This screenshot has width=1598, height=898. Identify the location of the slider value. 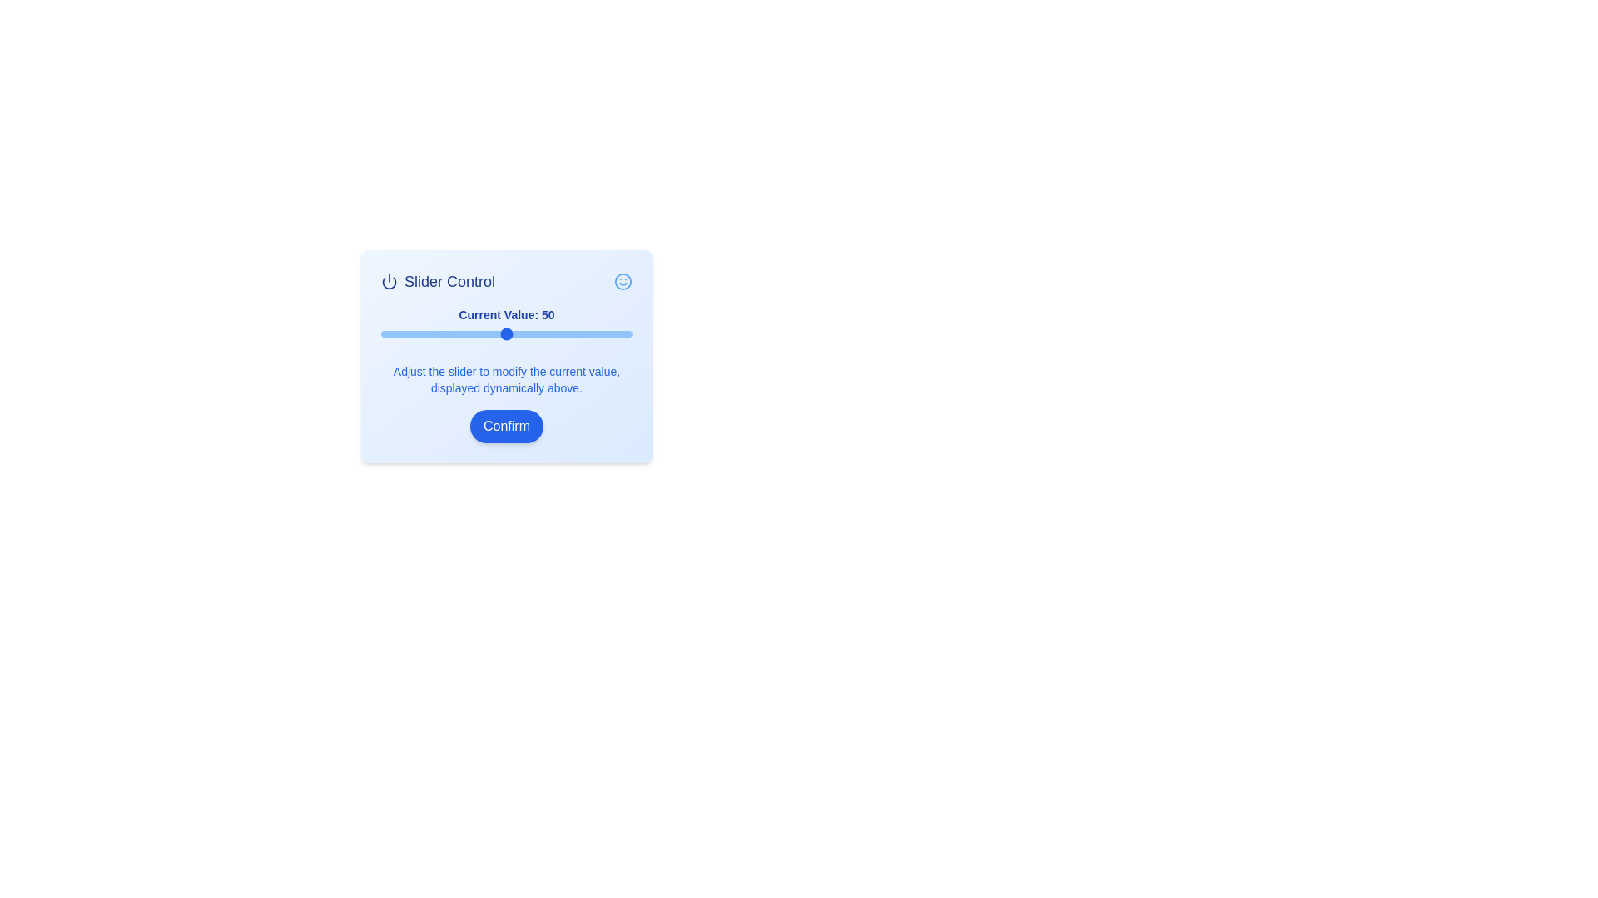
(539, 333).